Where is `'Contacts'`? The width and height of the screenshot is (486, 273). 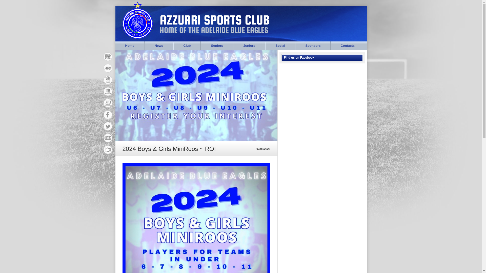
'Contacts' is located at coordinates (347, 46).